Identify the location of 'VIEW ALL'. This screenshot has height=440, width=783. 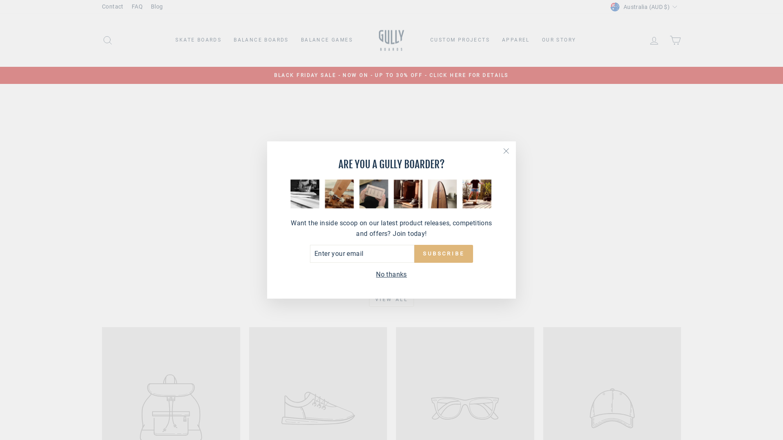
(391, 299).